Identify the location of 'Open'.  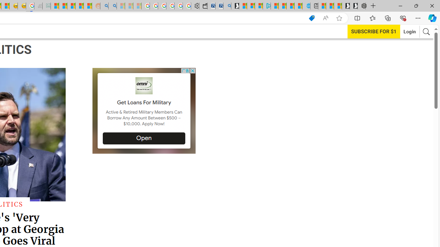
(144, 138).